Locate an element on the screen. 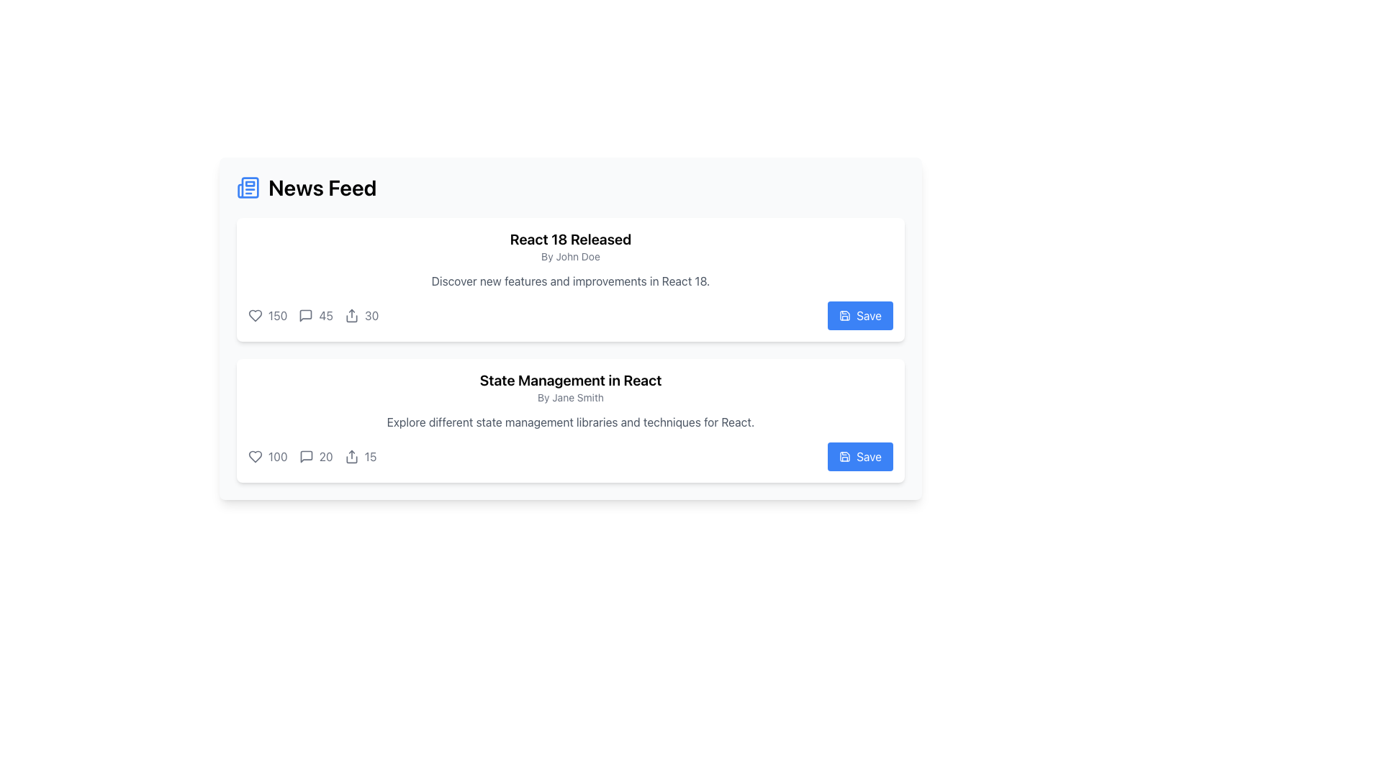  the heart-shaped icon with a hollow center and a gray outline to like the post titled 'State Management in React' is located at coordinates (256, 457).